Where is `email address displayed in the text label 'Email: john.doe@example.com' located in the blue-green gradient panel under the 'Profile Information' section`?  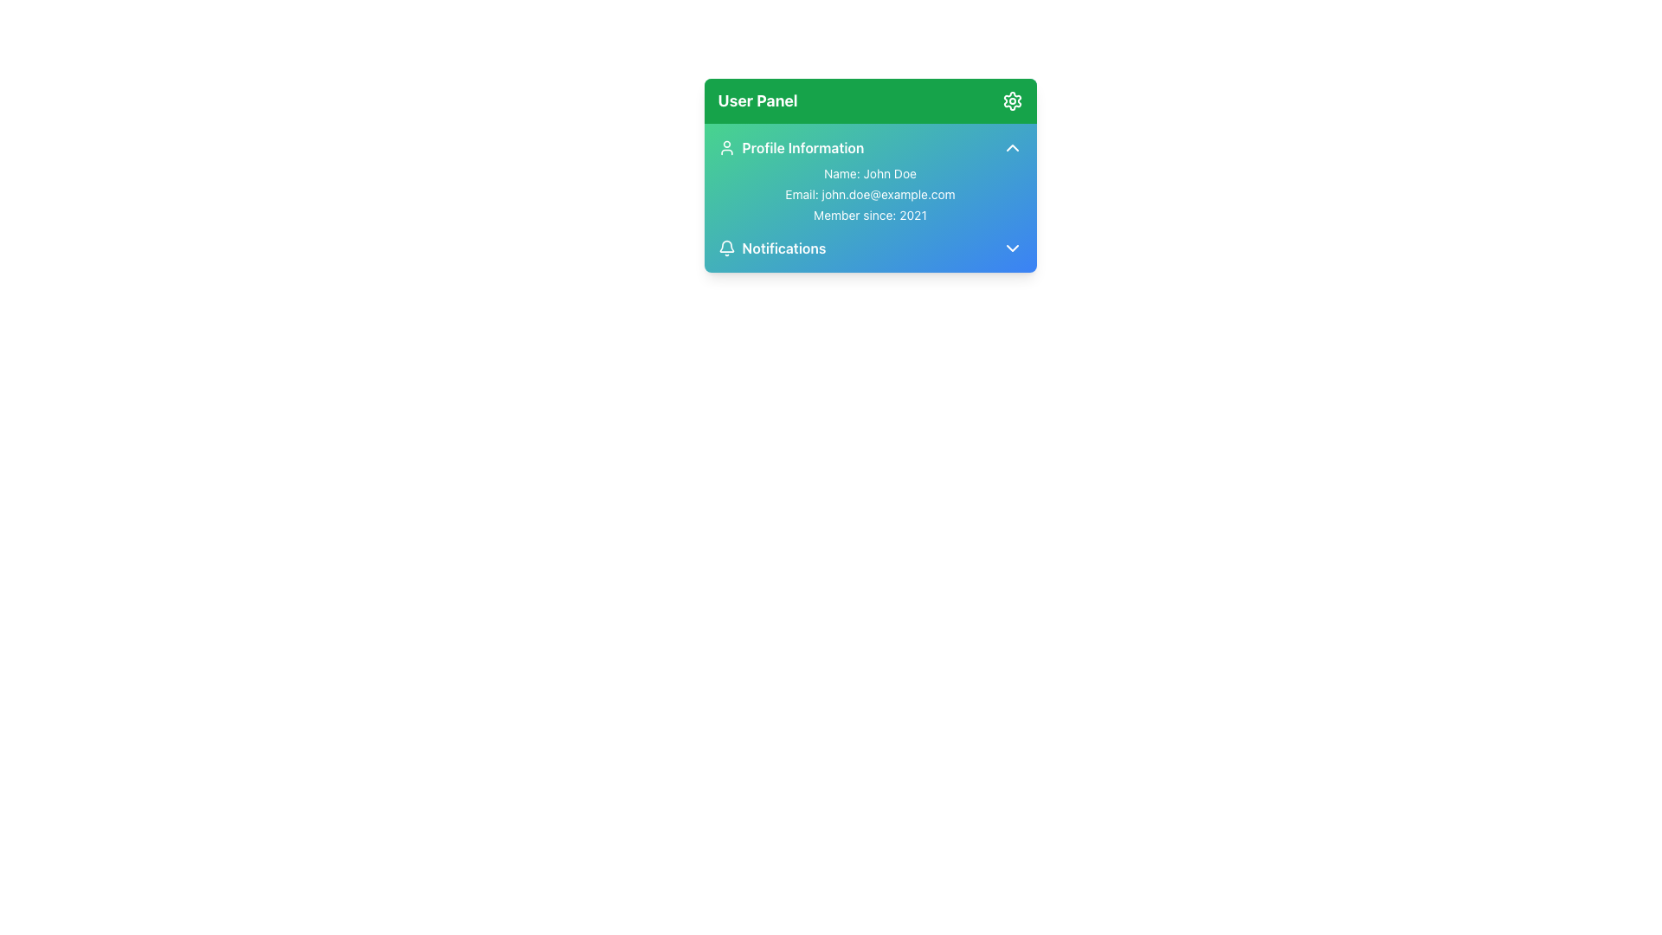
email address displayed in the text label 'Email: john.doe@example.com' located in the blue-green gradient panel under the 'Profile Information' section is located at coordinates (870, 194).